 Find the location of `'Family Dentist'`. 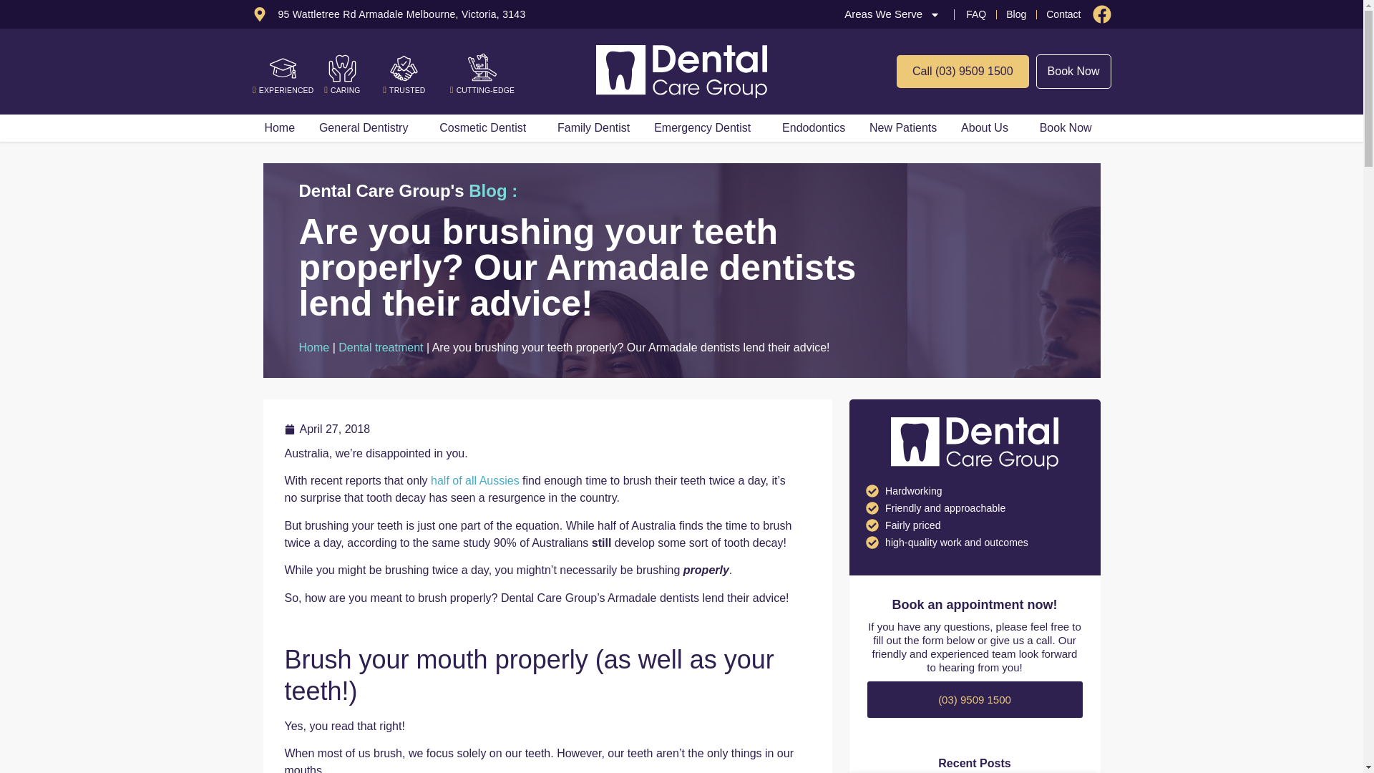

'Family Dentist' is located at coordinates (545, 127).